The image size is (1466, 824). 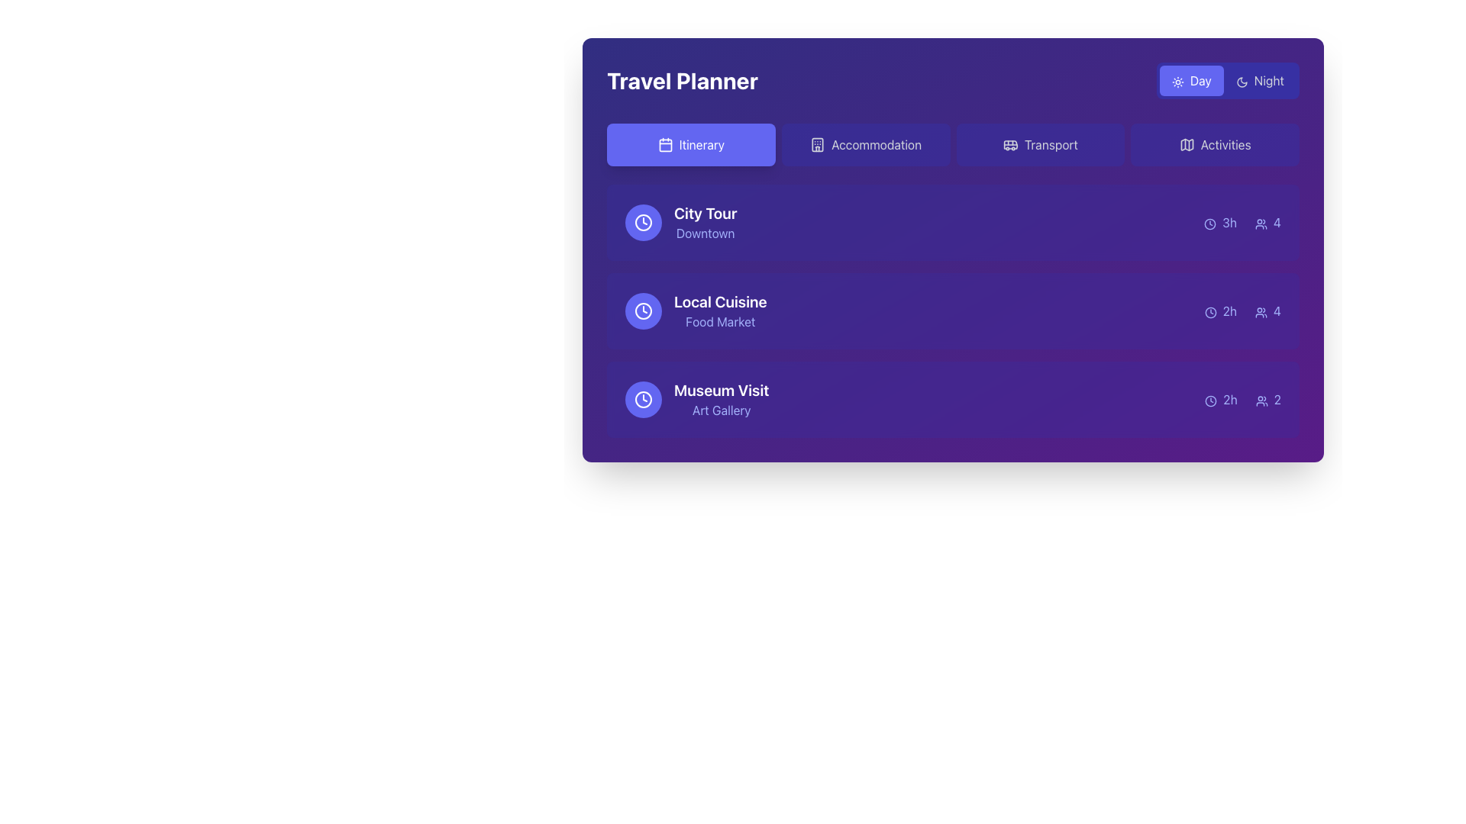 What do you see at coordinates (719, 302) in the screenshot?
I see `the text label that serves as the title for the itinerary entry, positioned below 'City Tour' and above 'Museum Visit', to emphasize or reveal additional information` at bounding box center [719, 302].